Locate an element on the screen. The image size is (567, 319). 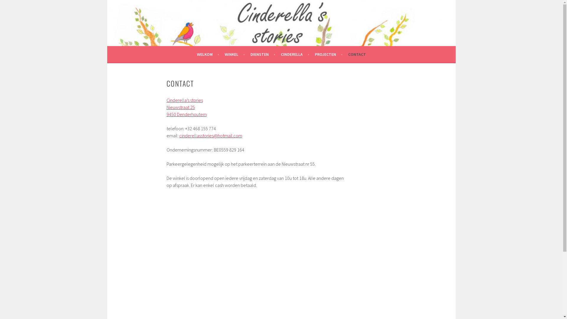
'CONTACT' is located at coordinates (356, 54).